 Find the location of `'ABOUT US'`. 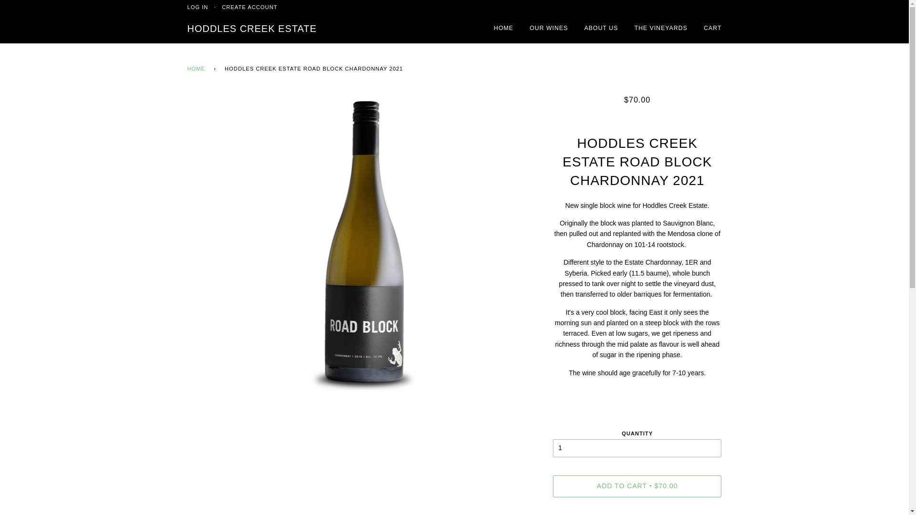

'ABOUT US' is located at coordinates (601, 28).